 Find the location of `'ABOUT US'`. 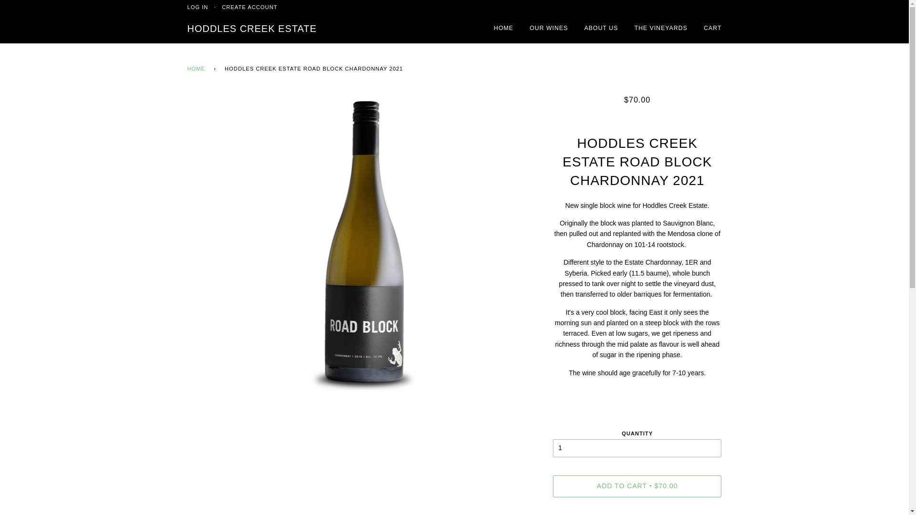

'ABOUT US' is located at coordinates (601, 28).